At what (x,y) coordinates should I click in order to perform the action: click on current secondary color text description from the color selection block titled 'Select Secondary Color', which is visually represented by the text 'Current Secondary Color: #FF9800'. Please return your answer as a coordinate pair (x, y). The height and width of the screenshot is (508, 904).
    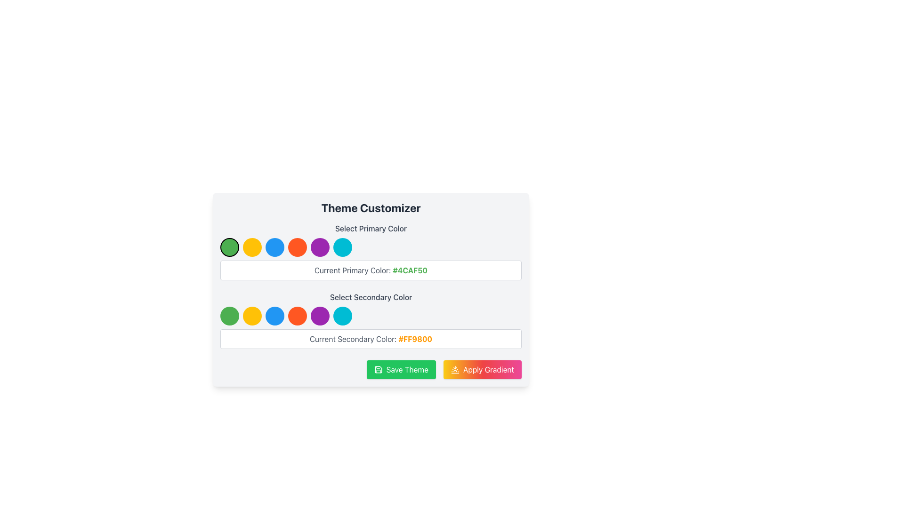
    Looking at the image, I should click on (370, 301).